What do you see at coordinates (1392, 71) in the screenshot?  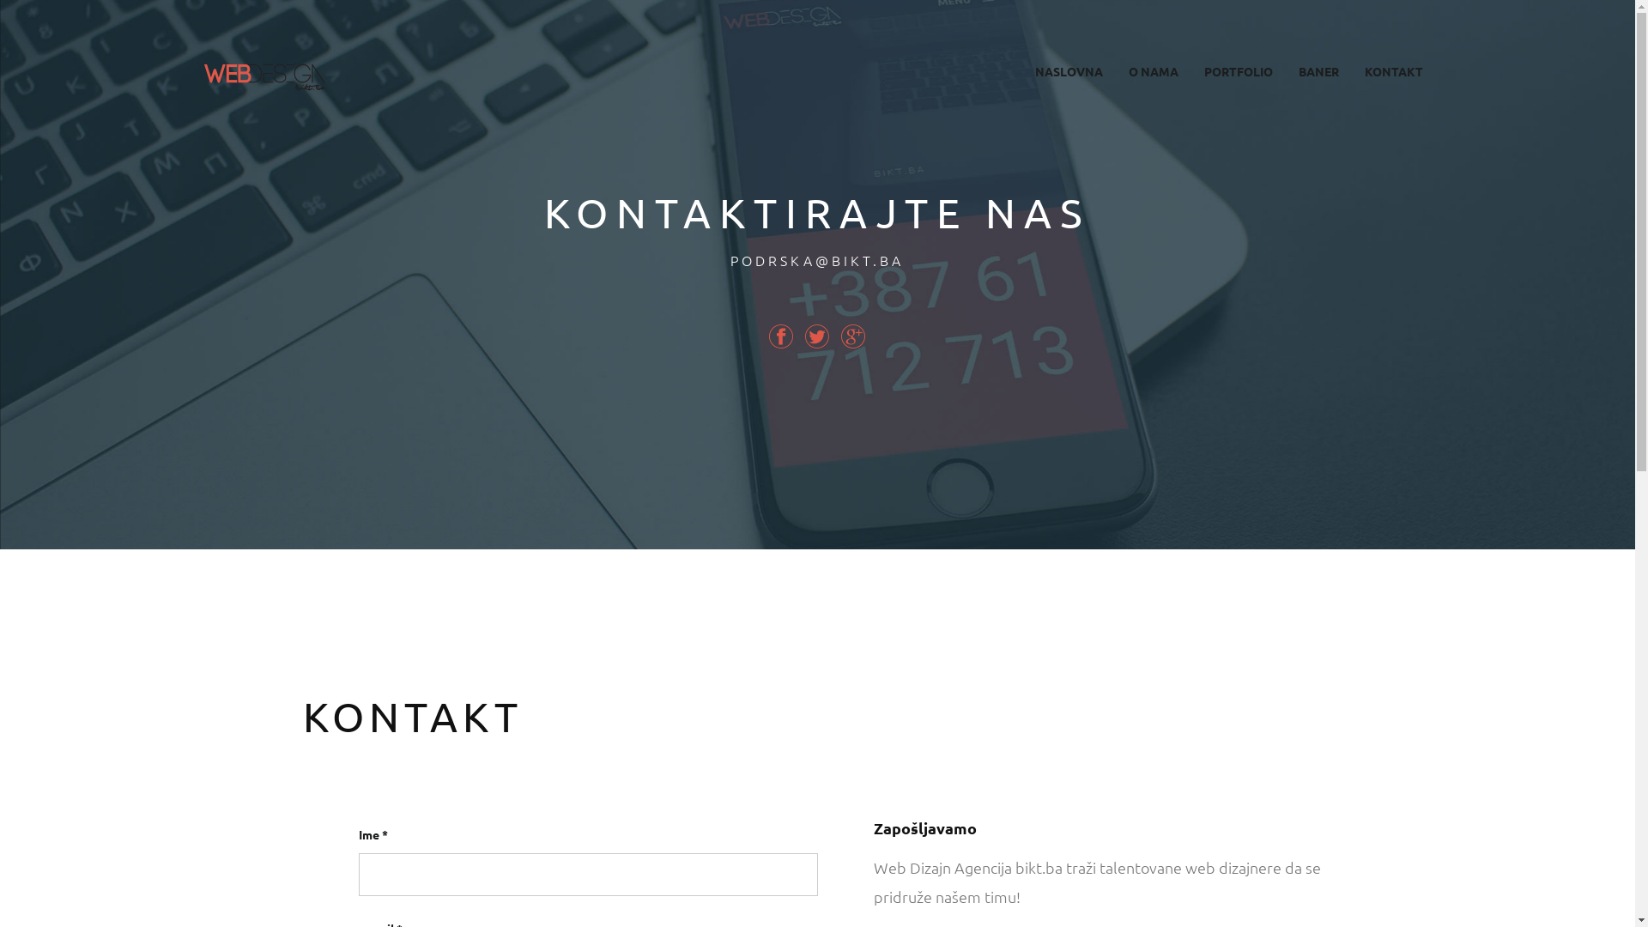 I see `'KONTAKT'` at bounding box center [1392, 71].